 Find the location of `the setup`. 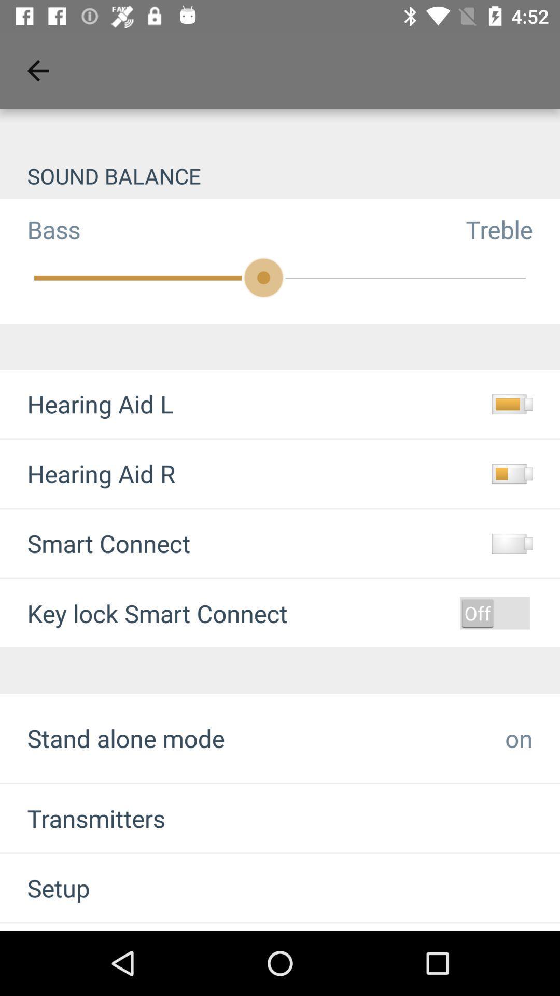

the setup is located at coordinates (44, 887).